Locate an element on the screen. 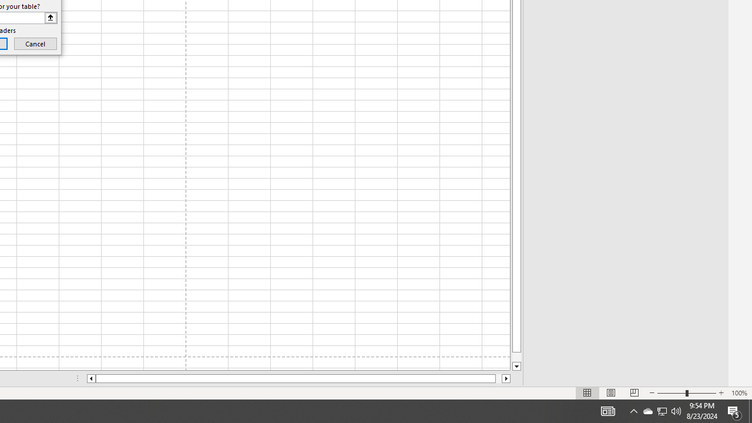 The height and width of the screenshot is (423, 752). 'Class: NetUIScrollBar' is located at coordinates (298, 378).